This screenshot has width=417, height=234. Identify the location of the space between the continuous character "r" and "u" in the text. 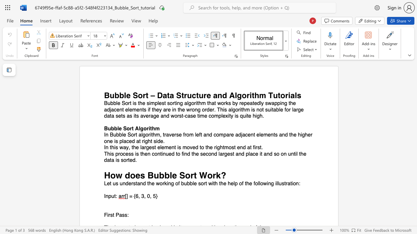
(187, 95).